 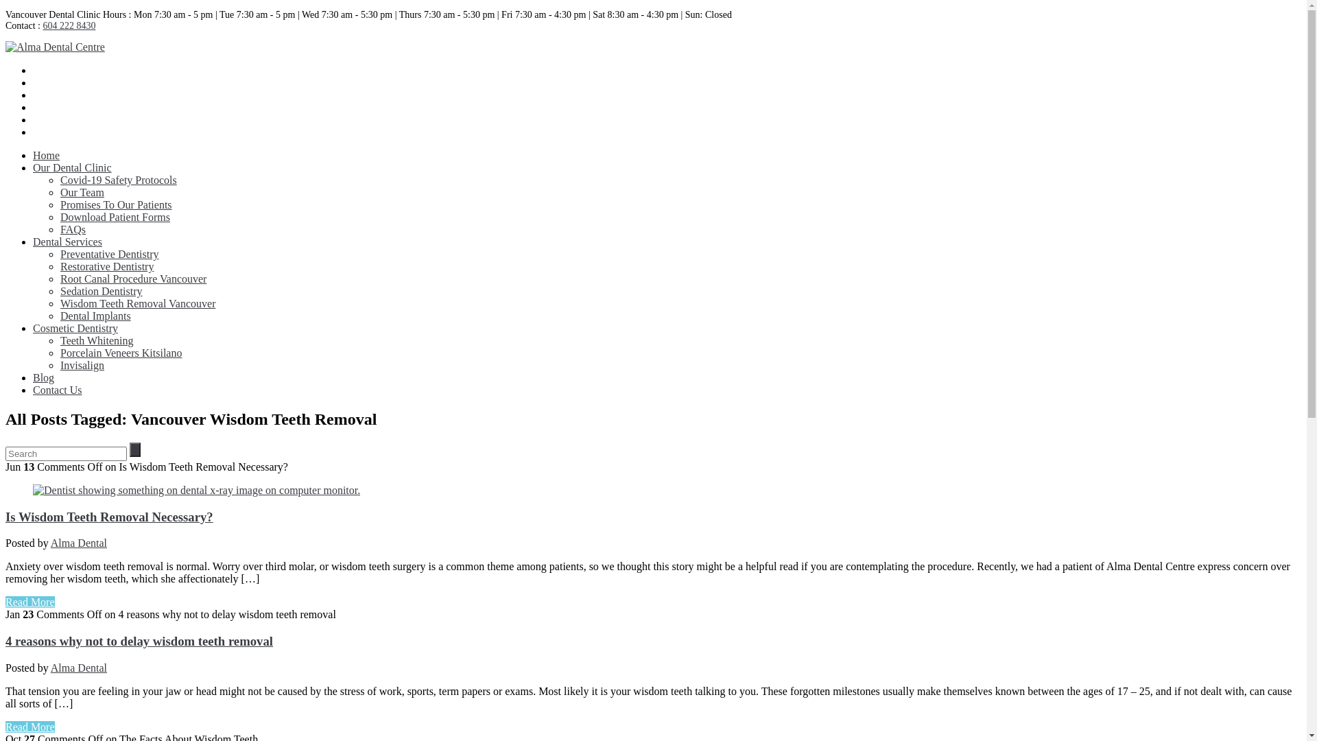 What do you see at coordinates (115, 216) in the screenshot?
I see `'Download Patient Forms'` at bounding box center [115, 216].